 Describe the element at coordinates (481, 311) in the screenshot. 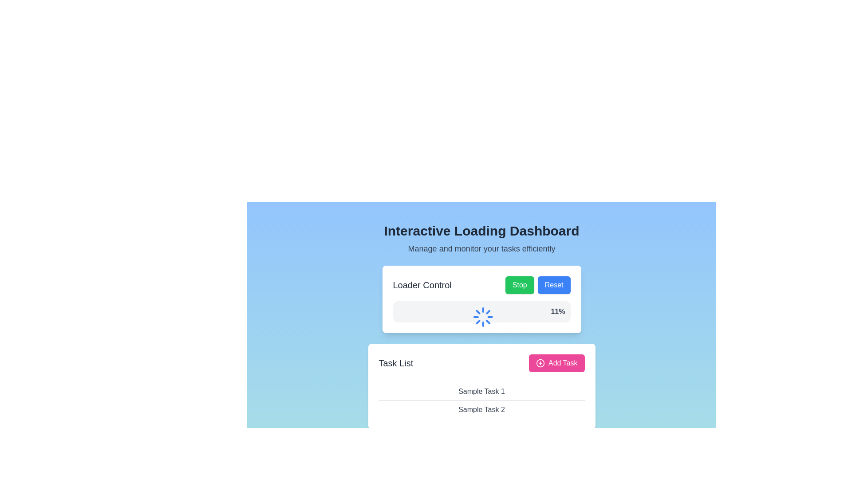

I see `the loading indicator that displays a spinning blue loader icon and '4%' text, located under the 'Stop' and 'Reset' buttons` at that location.